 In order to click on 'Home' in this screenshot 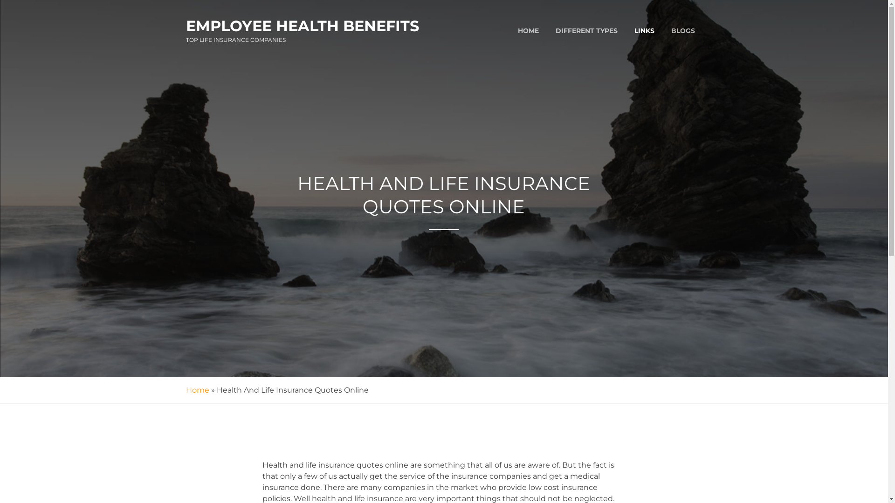, I will do `click(196, 390)`.